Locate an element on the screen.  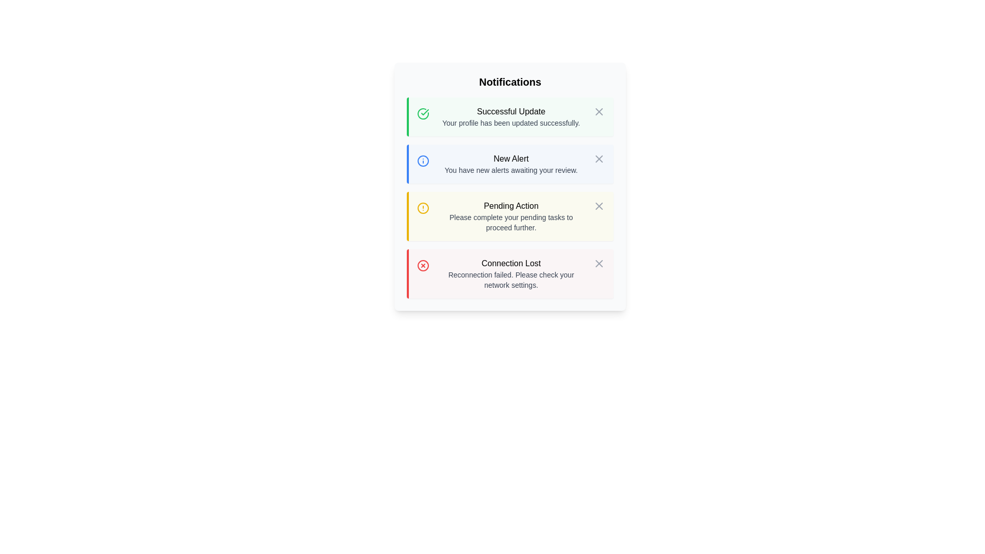
the Text Label that displays the message 'Your profile has been updated successfully.', which is styled in a smaller font and gray color, located below the 'Successful Update' heading in the notification card is located at coordinates (511, 122).